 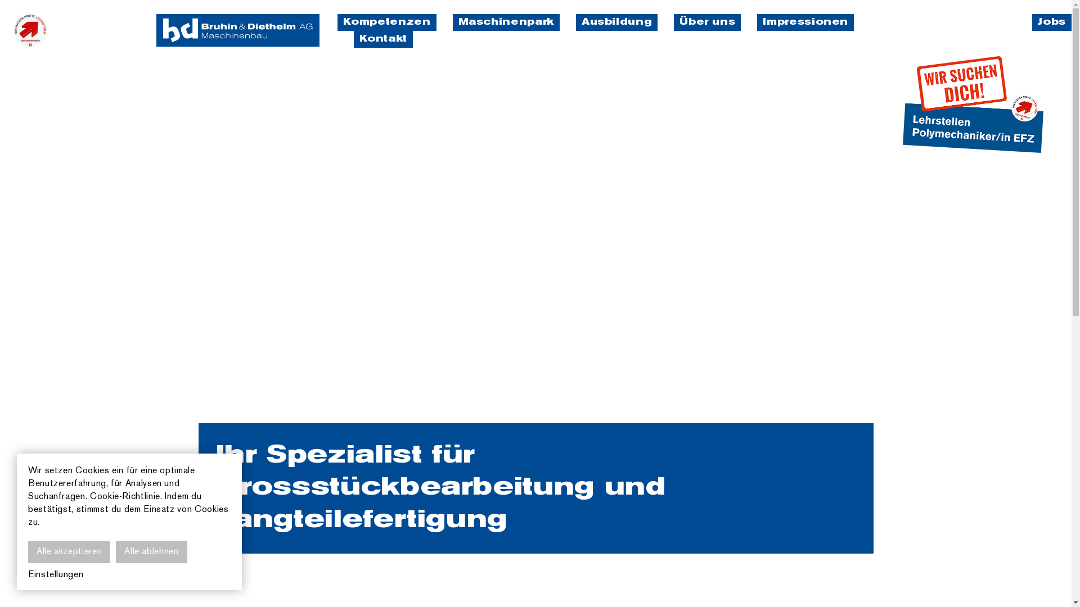 I want to click on 'bruhin & diethelm', so click(x=237, y=30).